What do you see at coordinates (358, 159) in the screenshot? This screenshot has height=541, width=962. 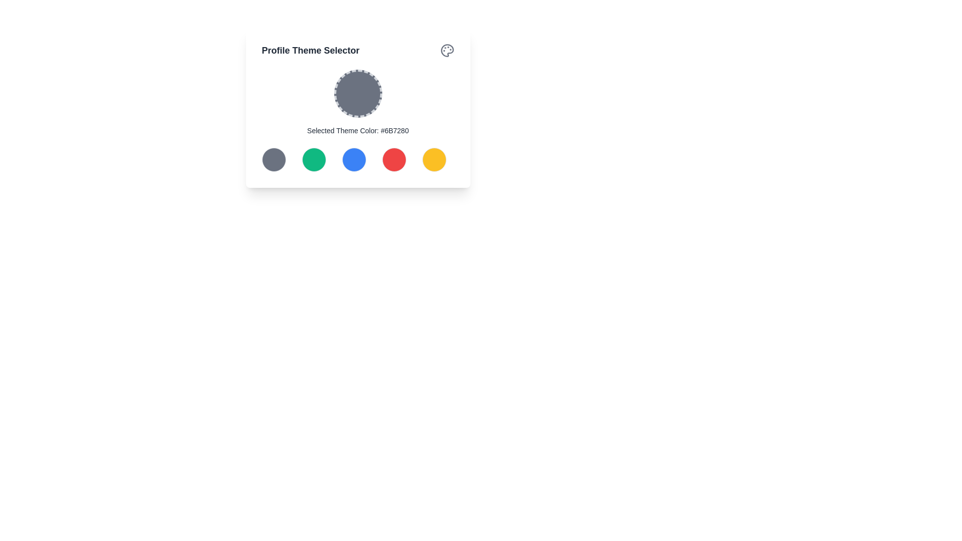 I see `the color circle in the Grid layout containing color selector buttons` at bounding box center [358, 159].